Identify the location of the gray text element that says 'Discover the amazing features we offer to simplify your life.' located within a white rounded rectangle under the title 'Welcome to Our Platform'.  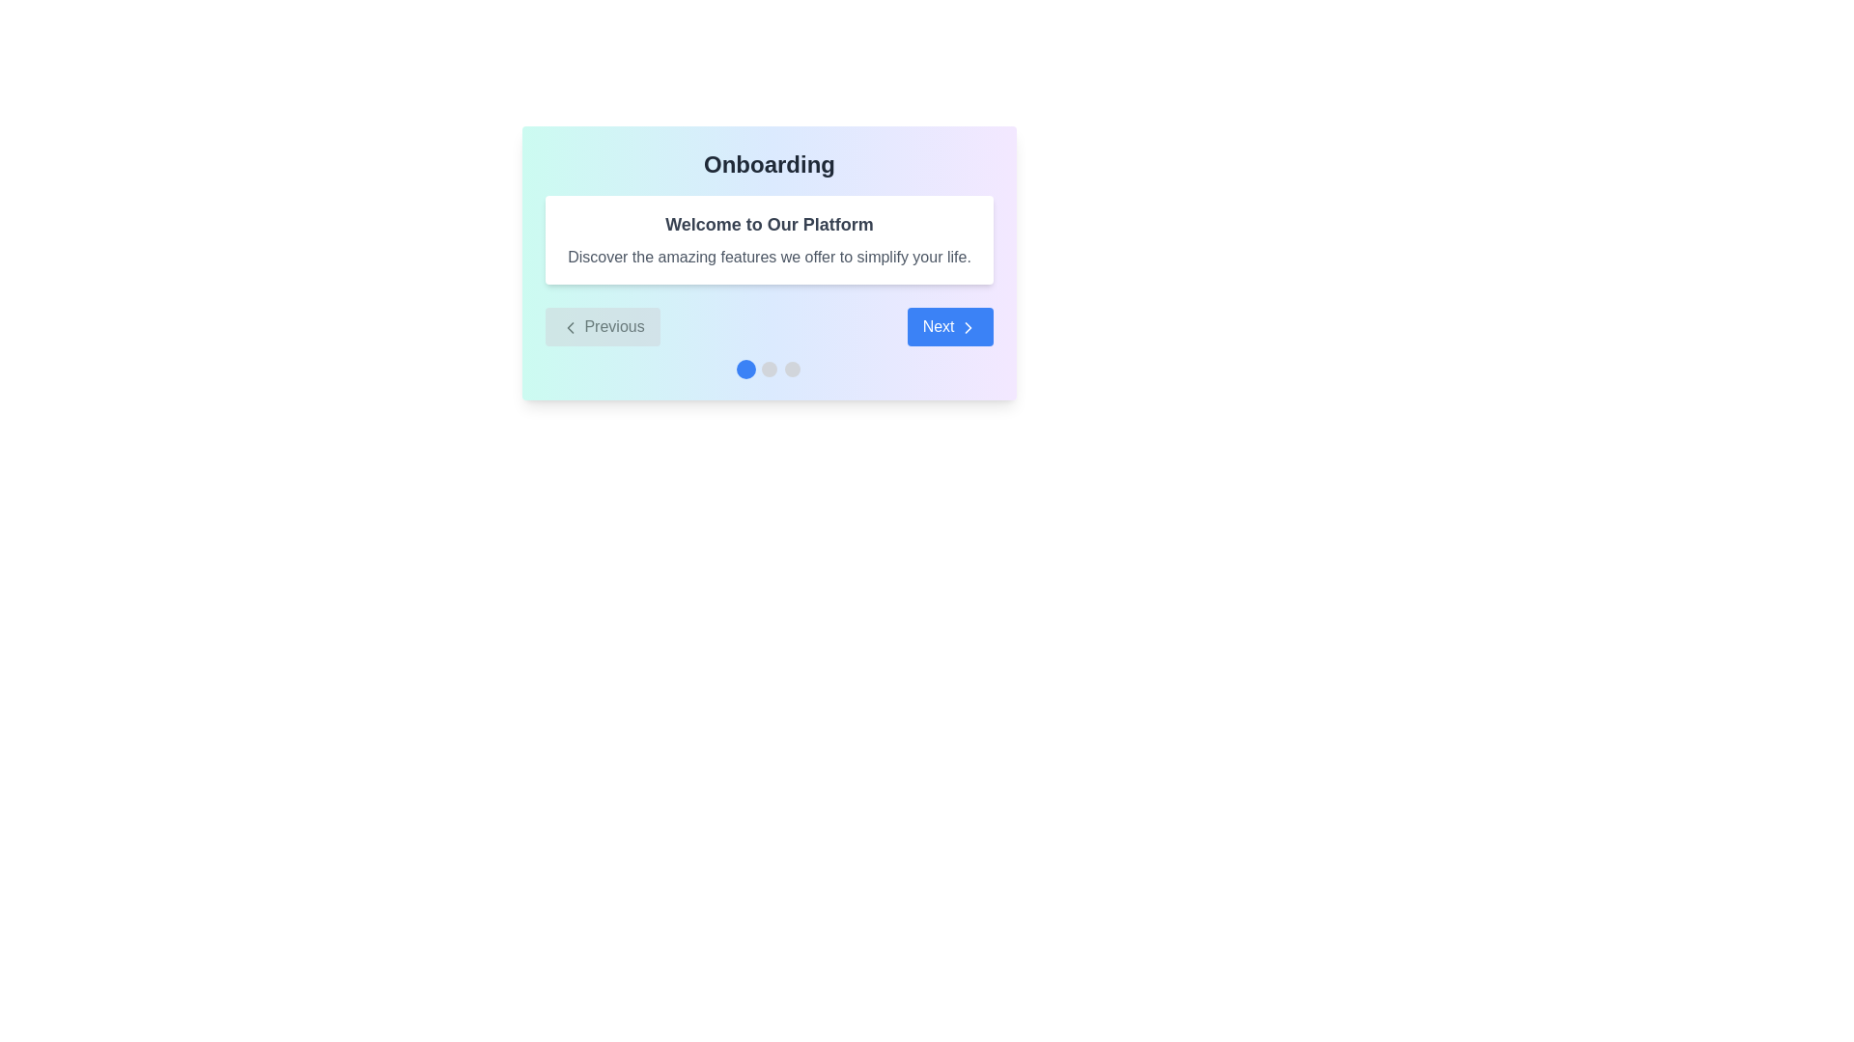
(768, 256).